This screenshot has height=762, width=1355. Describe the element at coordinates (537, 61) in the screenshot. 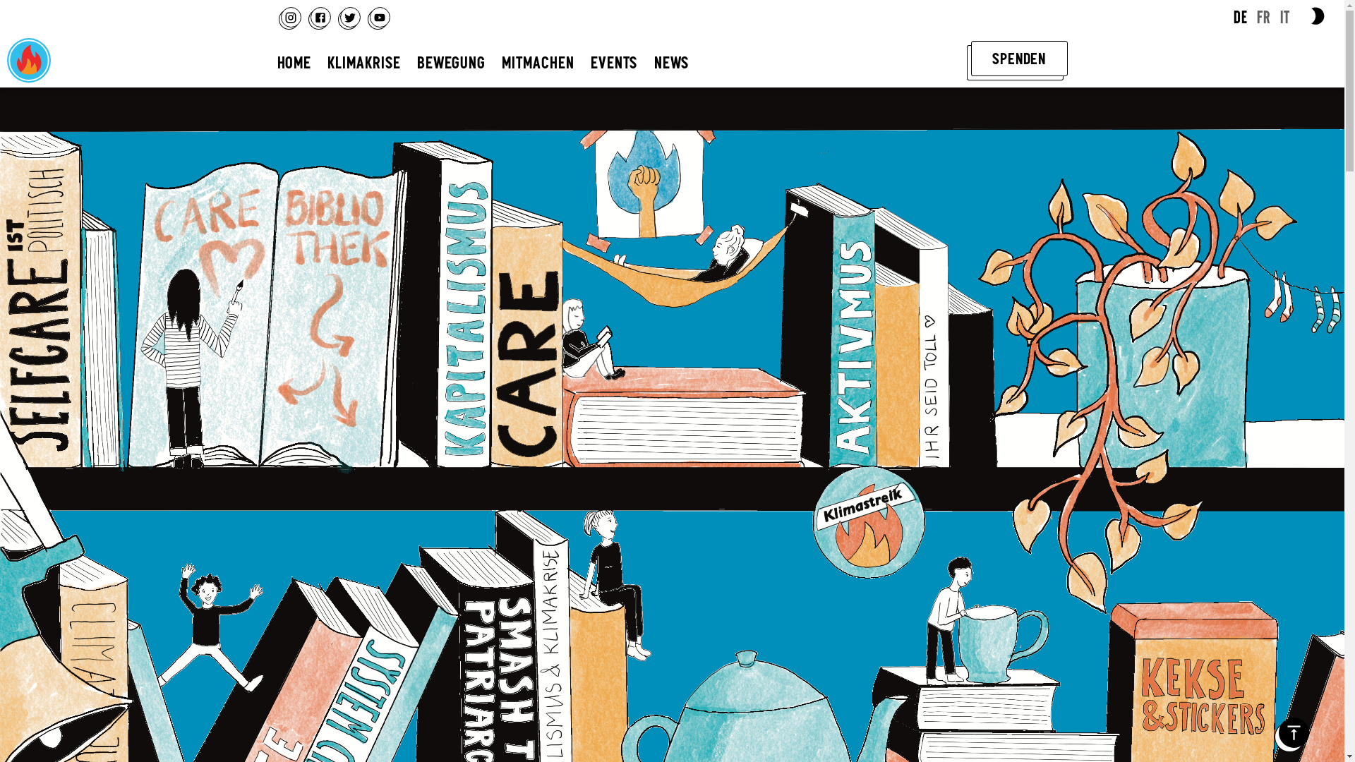

I see `'MITMACHEN'` at that location.